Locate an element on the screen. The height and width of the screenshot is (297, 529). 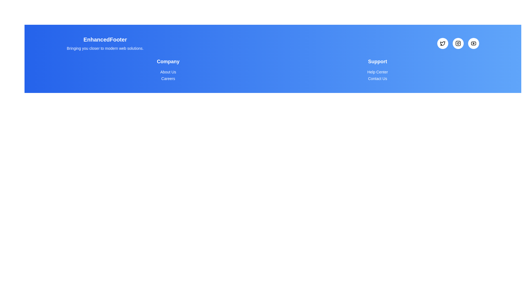
the interactive hyperlinks in the text block located in the right column below the 'Support' heading is located at coordinates (377, 70).